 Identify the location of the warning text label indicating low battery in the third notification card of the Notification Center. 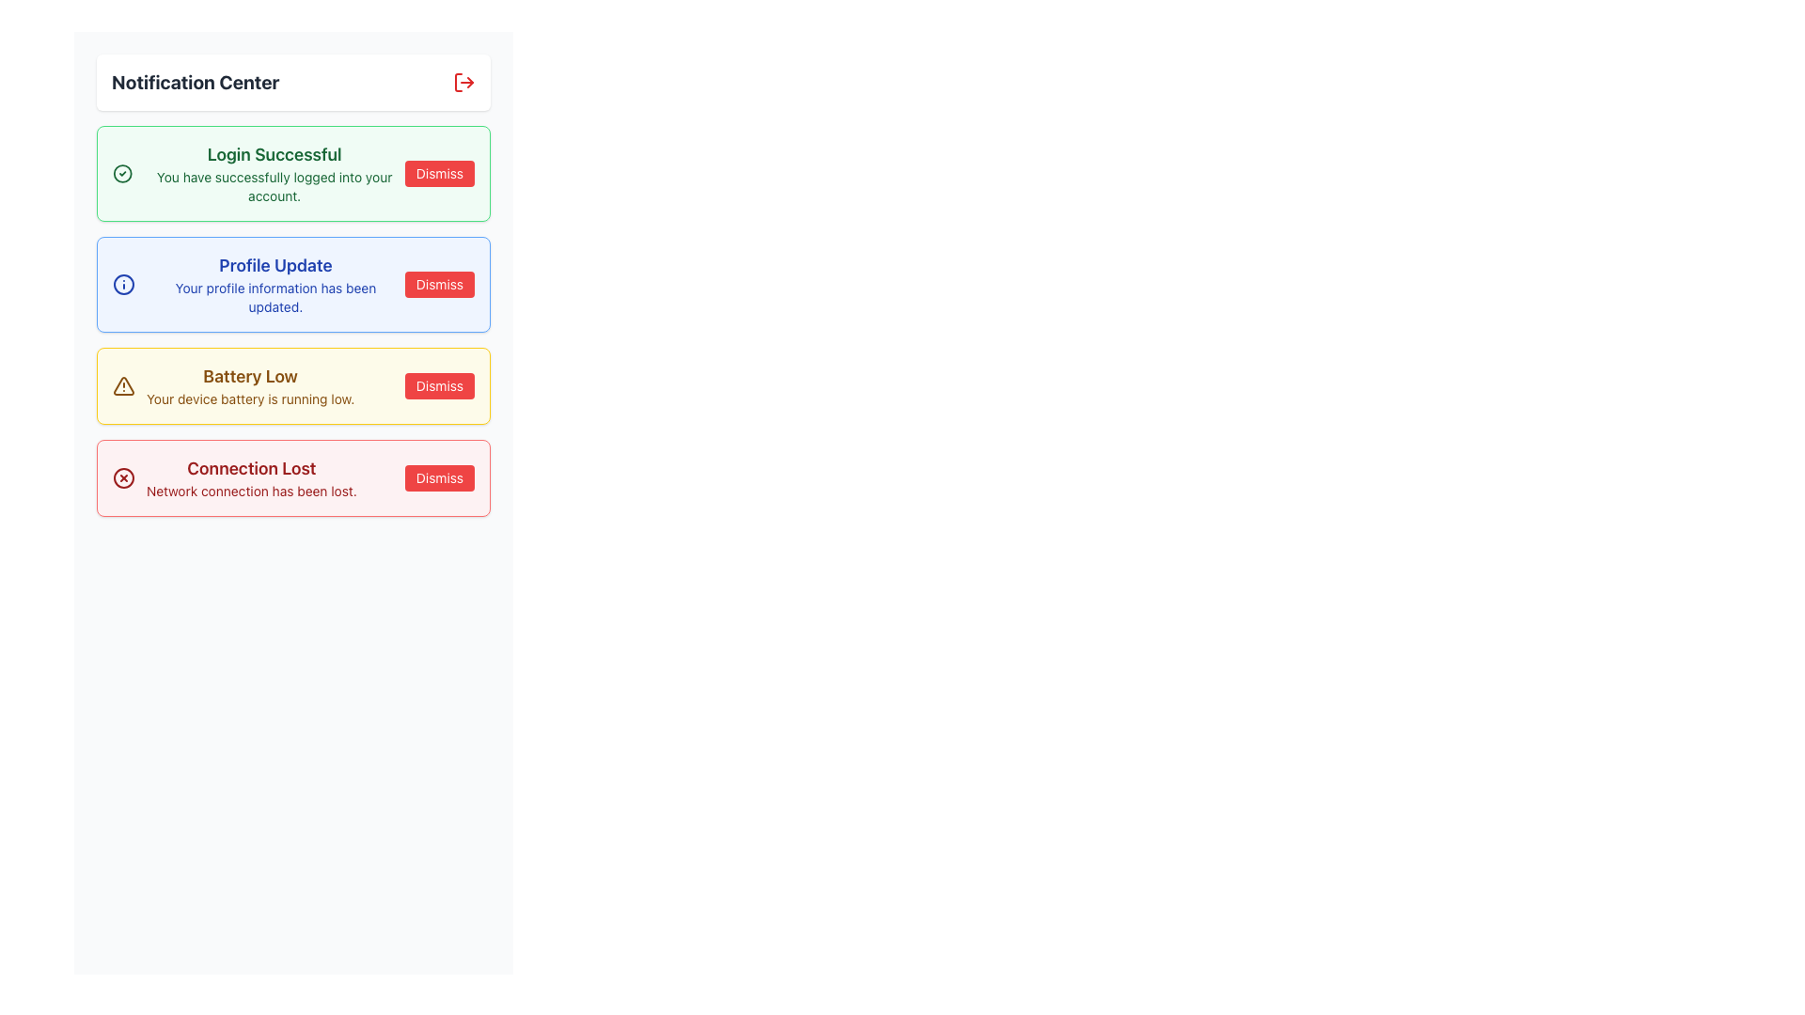
(249, 377).